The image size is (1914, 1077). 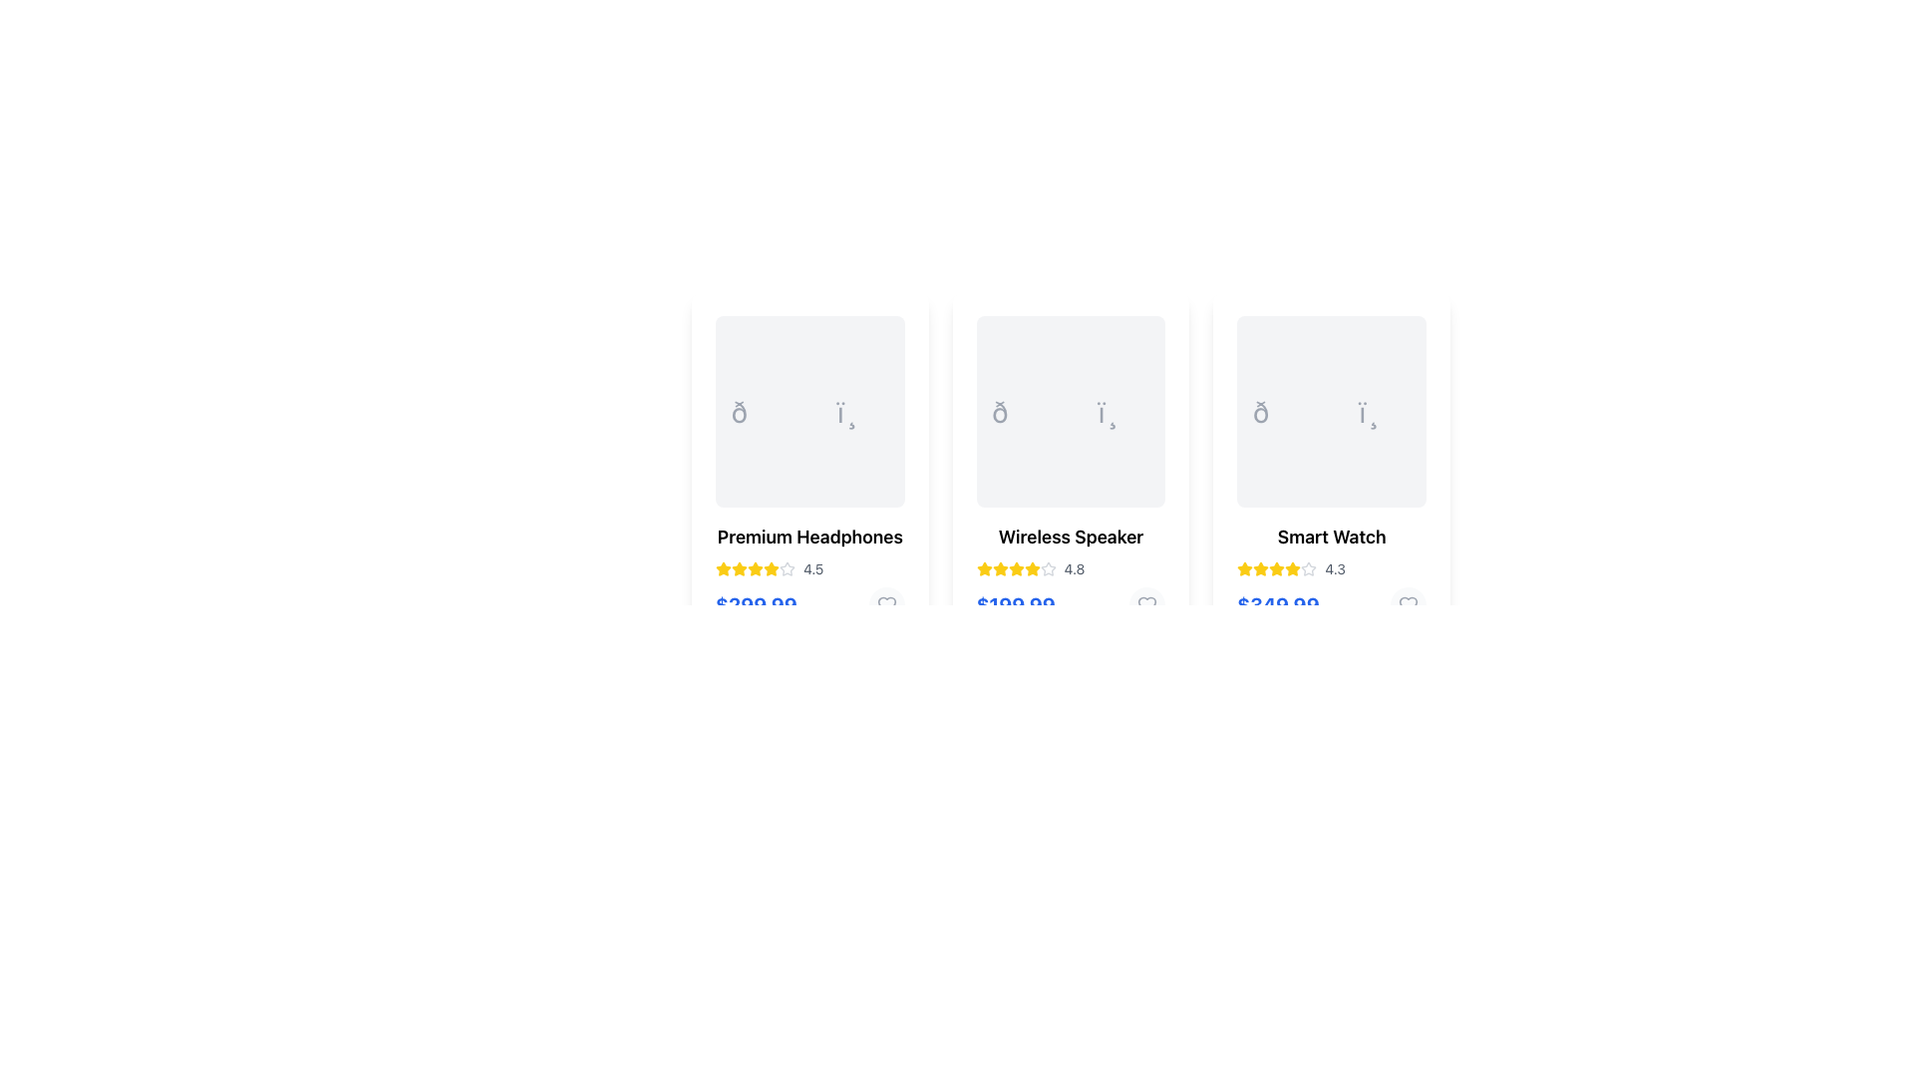 What do you see at coordinates (1244, 568) in the screenshot?
I see `the first star icon in the five-star rating component for the 'Smart Watch' product, which indicates a filled rating level` at bounding box center [1244, 568].